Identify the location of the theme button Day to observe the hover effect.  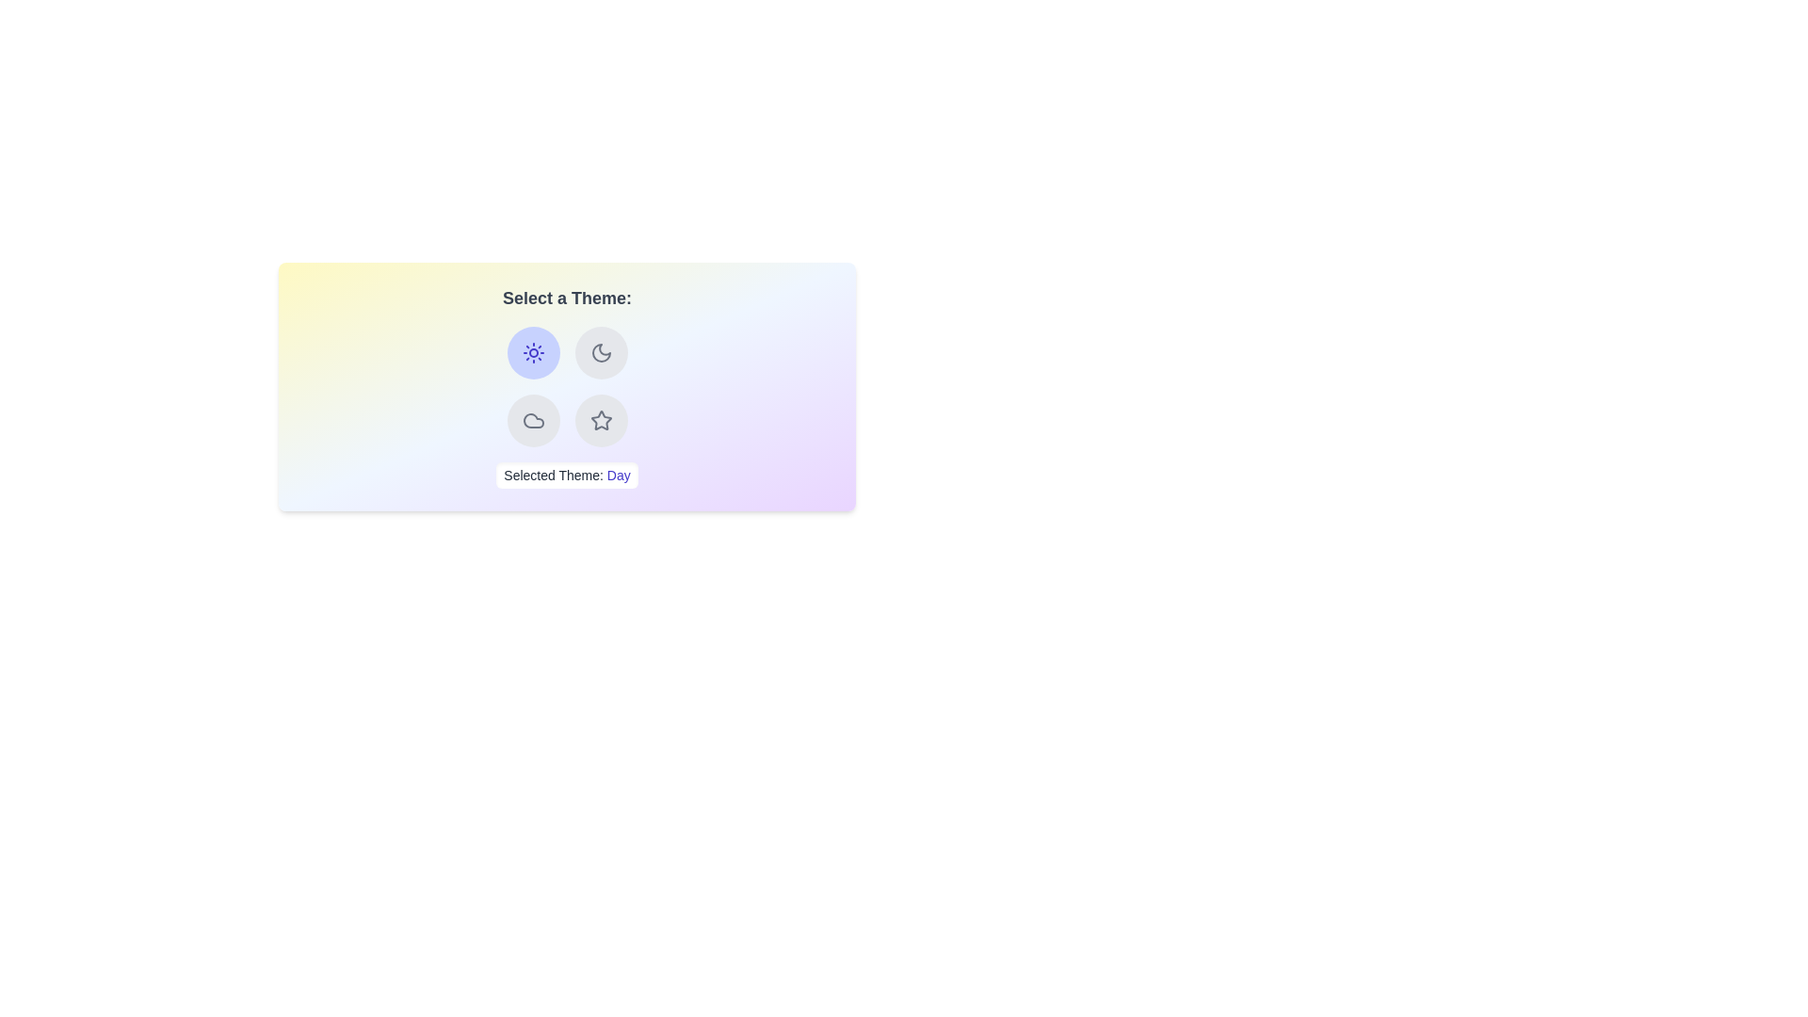
(532, 352).